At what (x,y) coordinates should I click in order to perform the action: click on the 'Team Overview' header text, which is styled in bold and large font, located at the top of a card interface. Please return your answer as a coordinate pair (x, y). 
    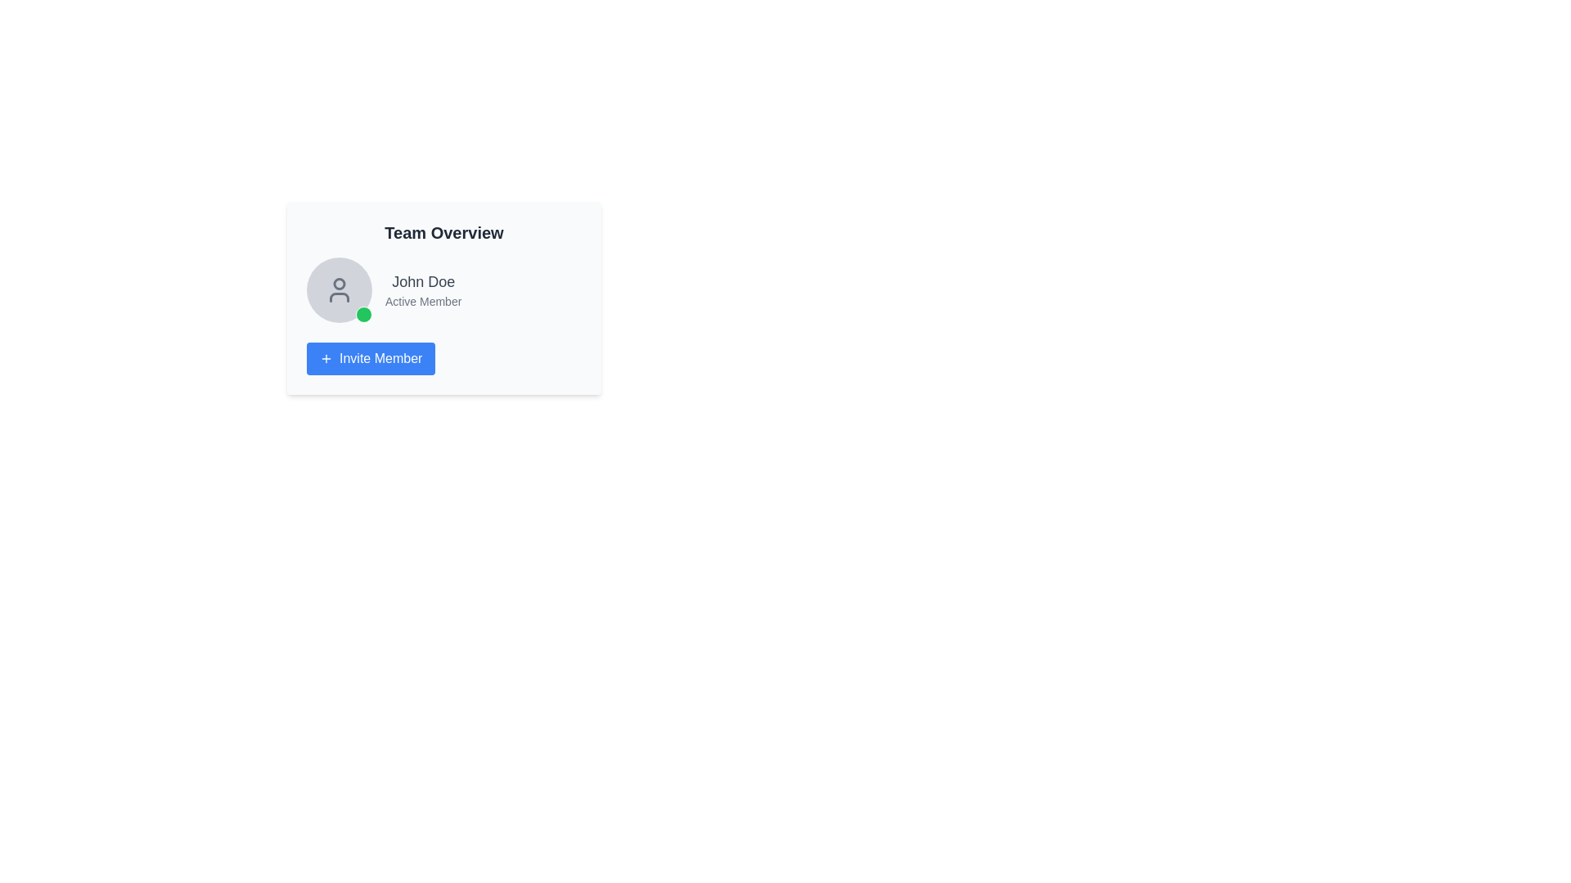
    Looking at the image, I should click on (443, 233).